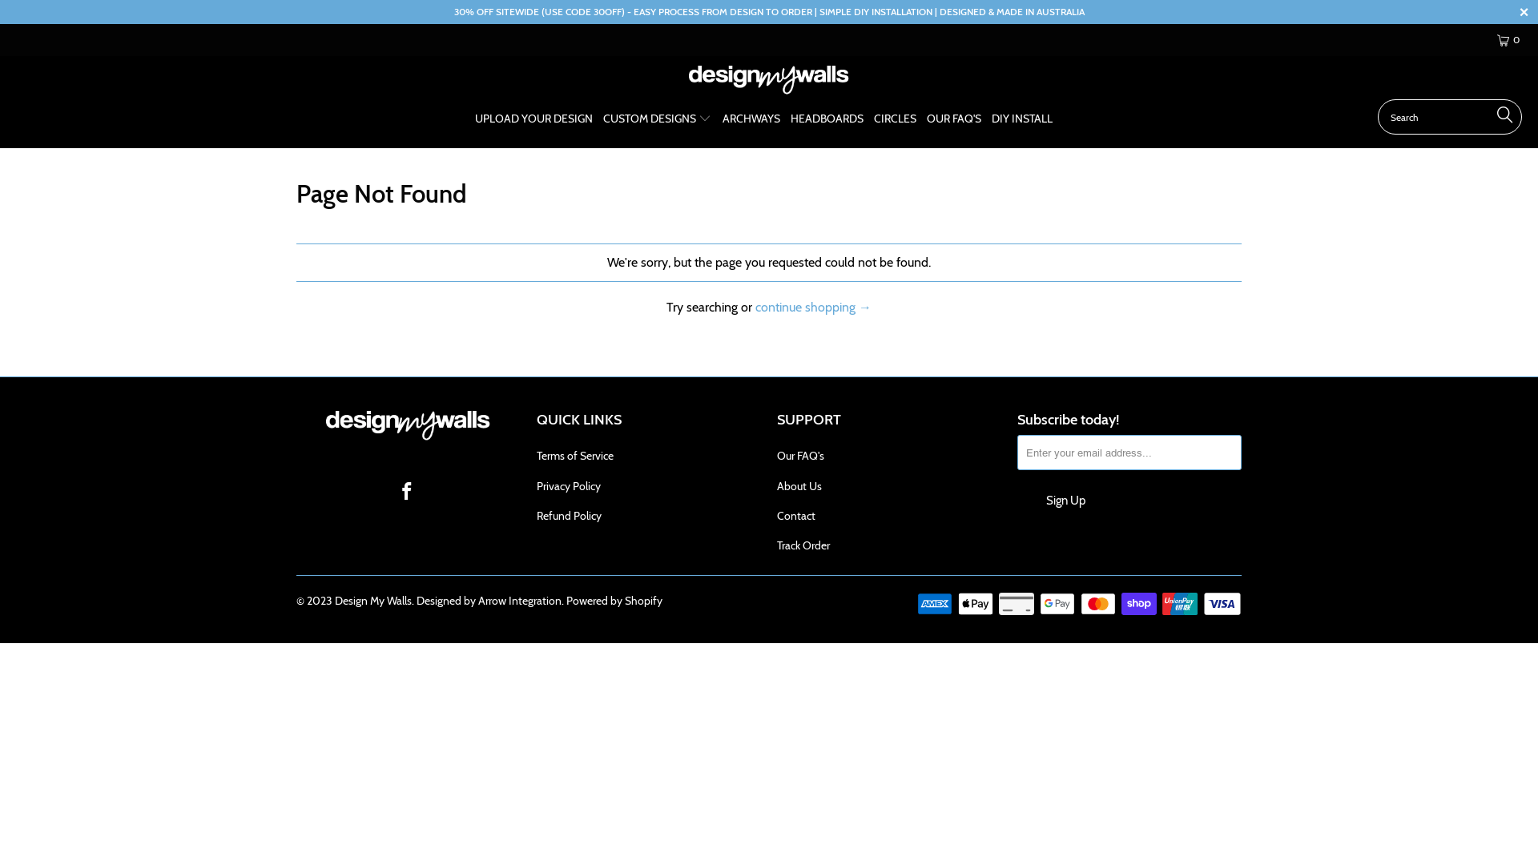 This screenshot has width=1538, height=865. Describe the element at coordinates (991, 119) in the screenshot. I see `'DIY INSTALL'` at that location.